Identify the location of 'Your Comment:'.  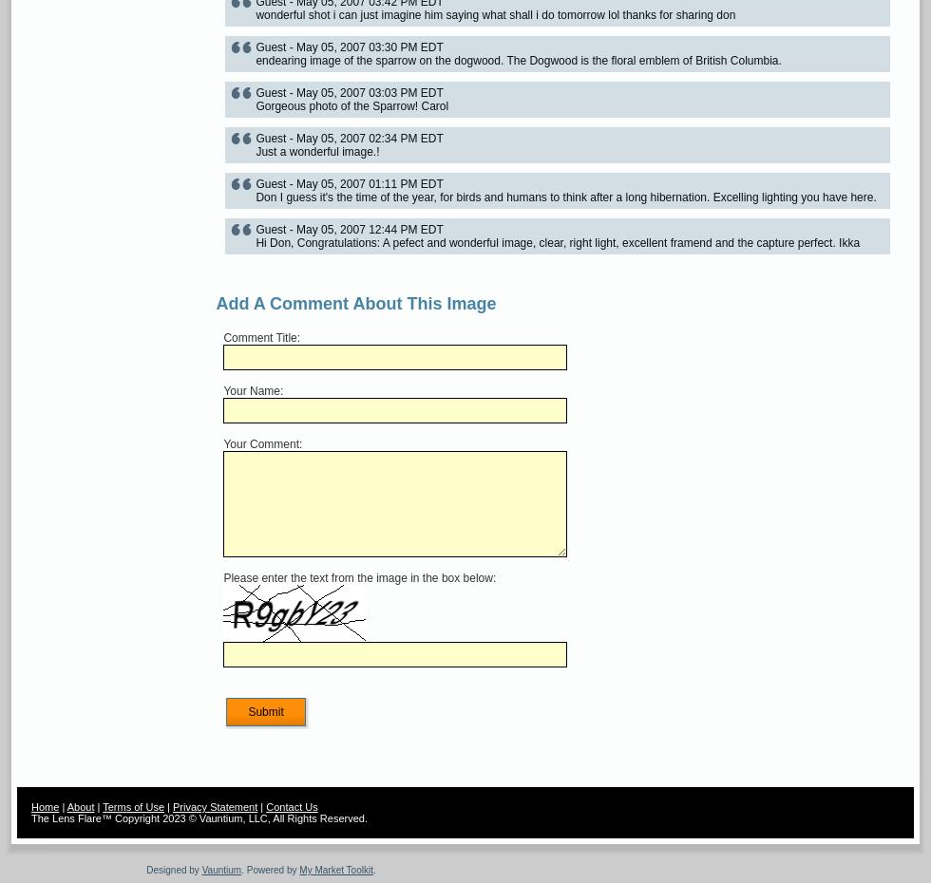
(223, 442).